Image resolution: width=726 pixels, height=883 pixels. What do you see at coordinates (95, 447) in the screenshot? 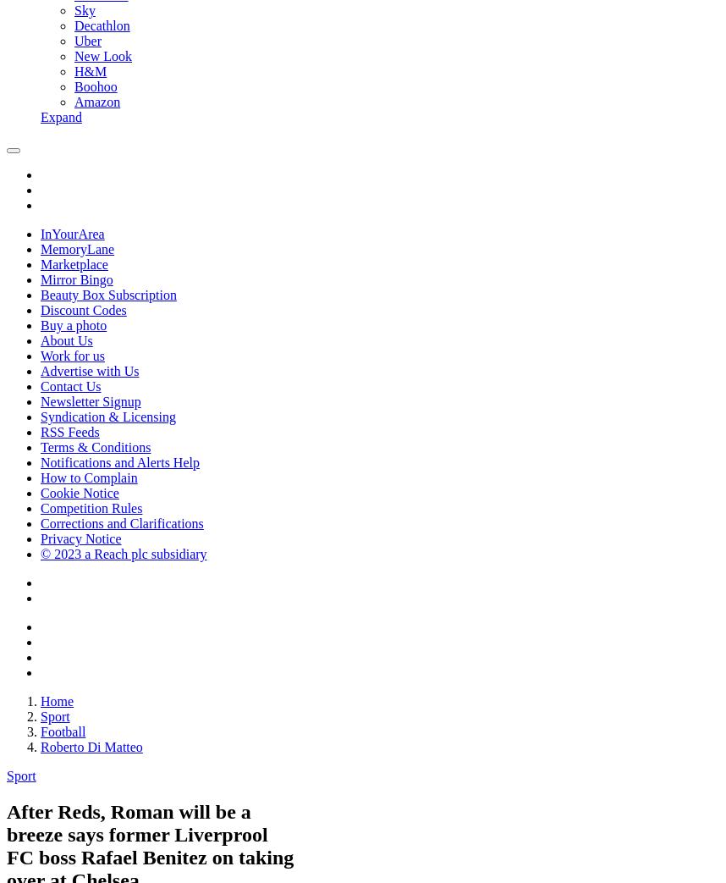
I see `'Terms & Conditions'` at bounding box center [95, 447].